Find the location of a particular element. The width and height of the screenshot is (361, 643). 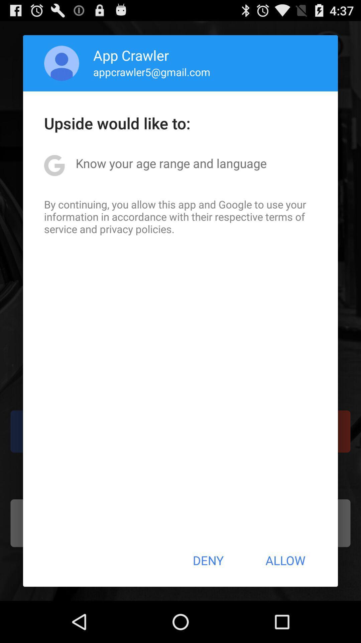

the app to the left of app crawler icon is located at coordinates (62, 63).